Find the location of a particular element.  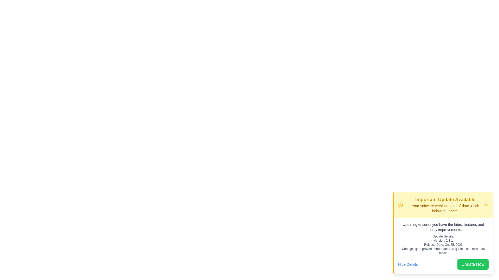

the circular icon with a yellow border that represents an alert, located to the left of the title 'Important Update Available' in the yellow notification box is located at coordinates (400, 205).